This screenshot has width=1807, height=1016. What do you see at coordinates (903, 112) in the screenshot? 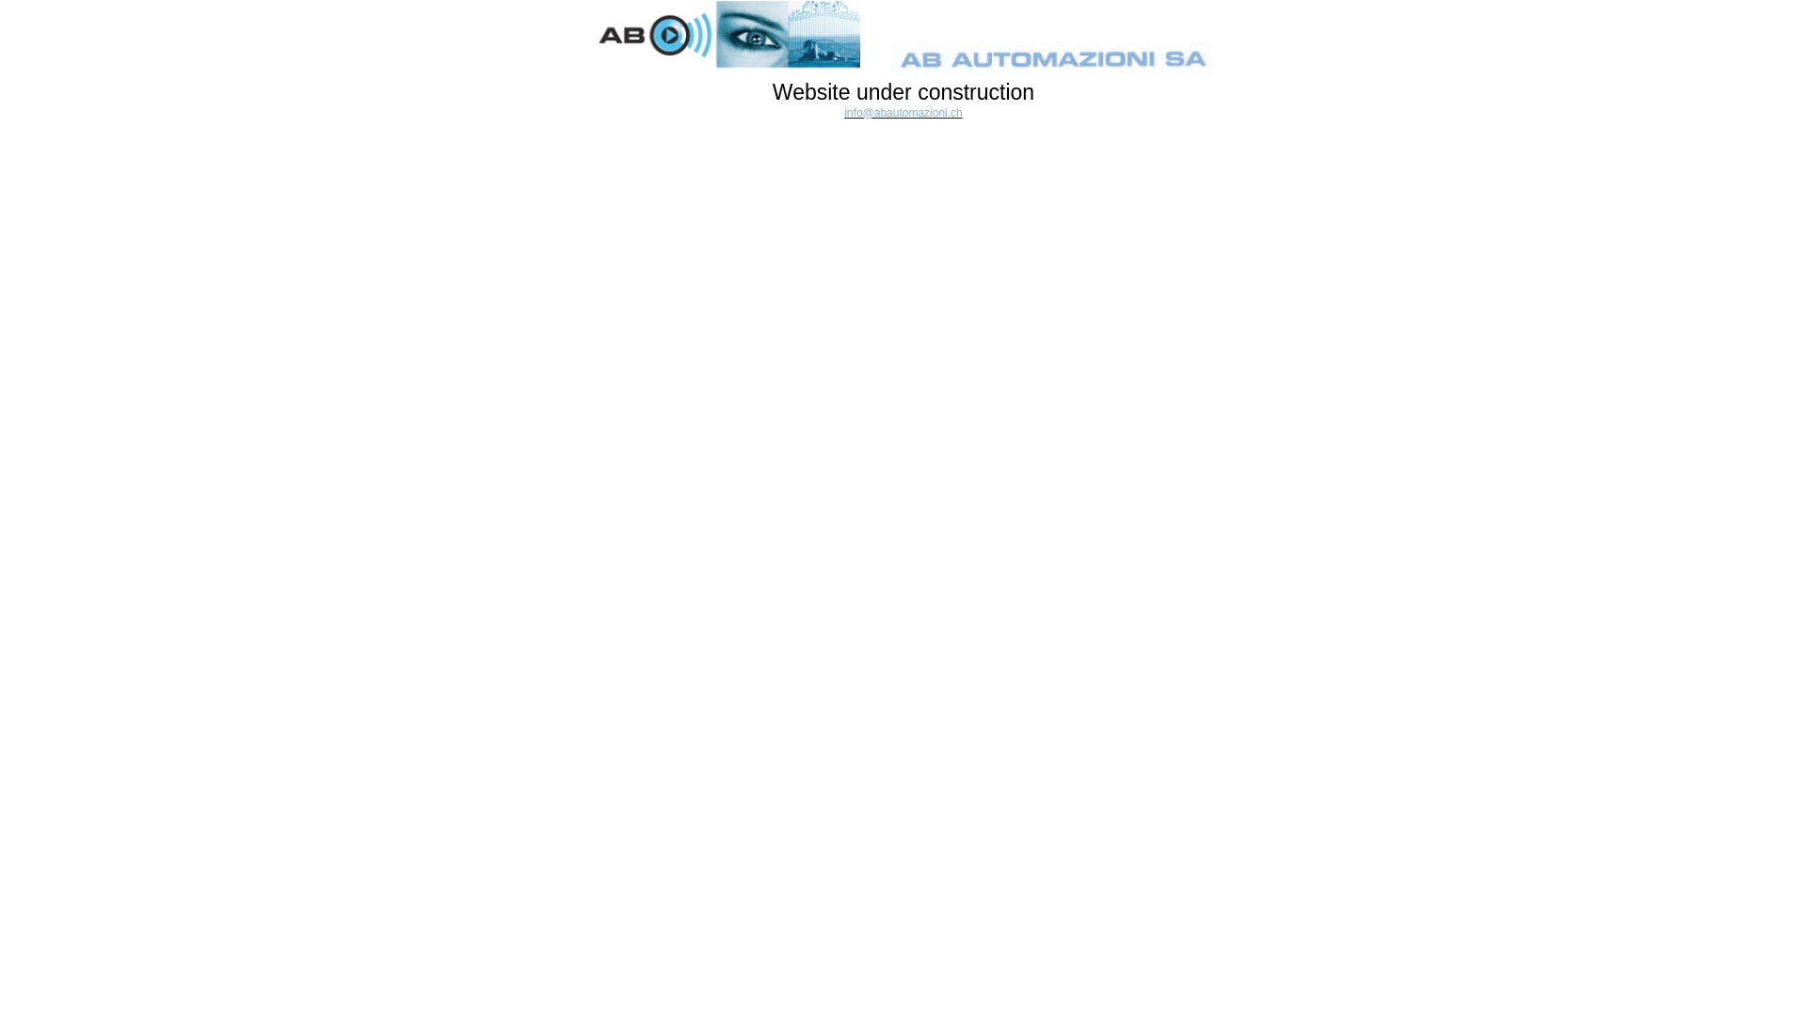
I see `'info@abautomazioni.ch'` at bounding box center [903, 112].